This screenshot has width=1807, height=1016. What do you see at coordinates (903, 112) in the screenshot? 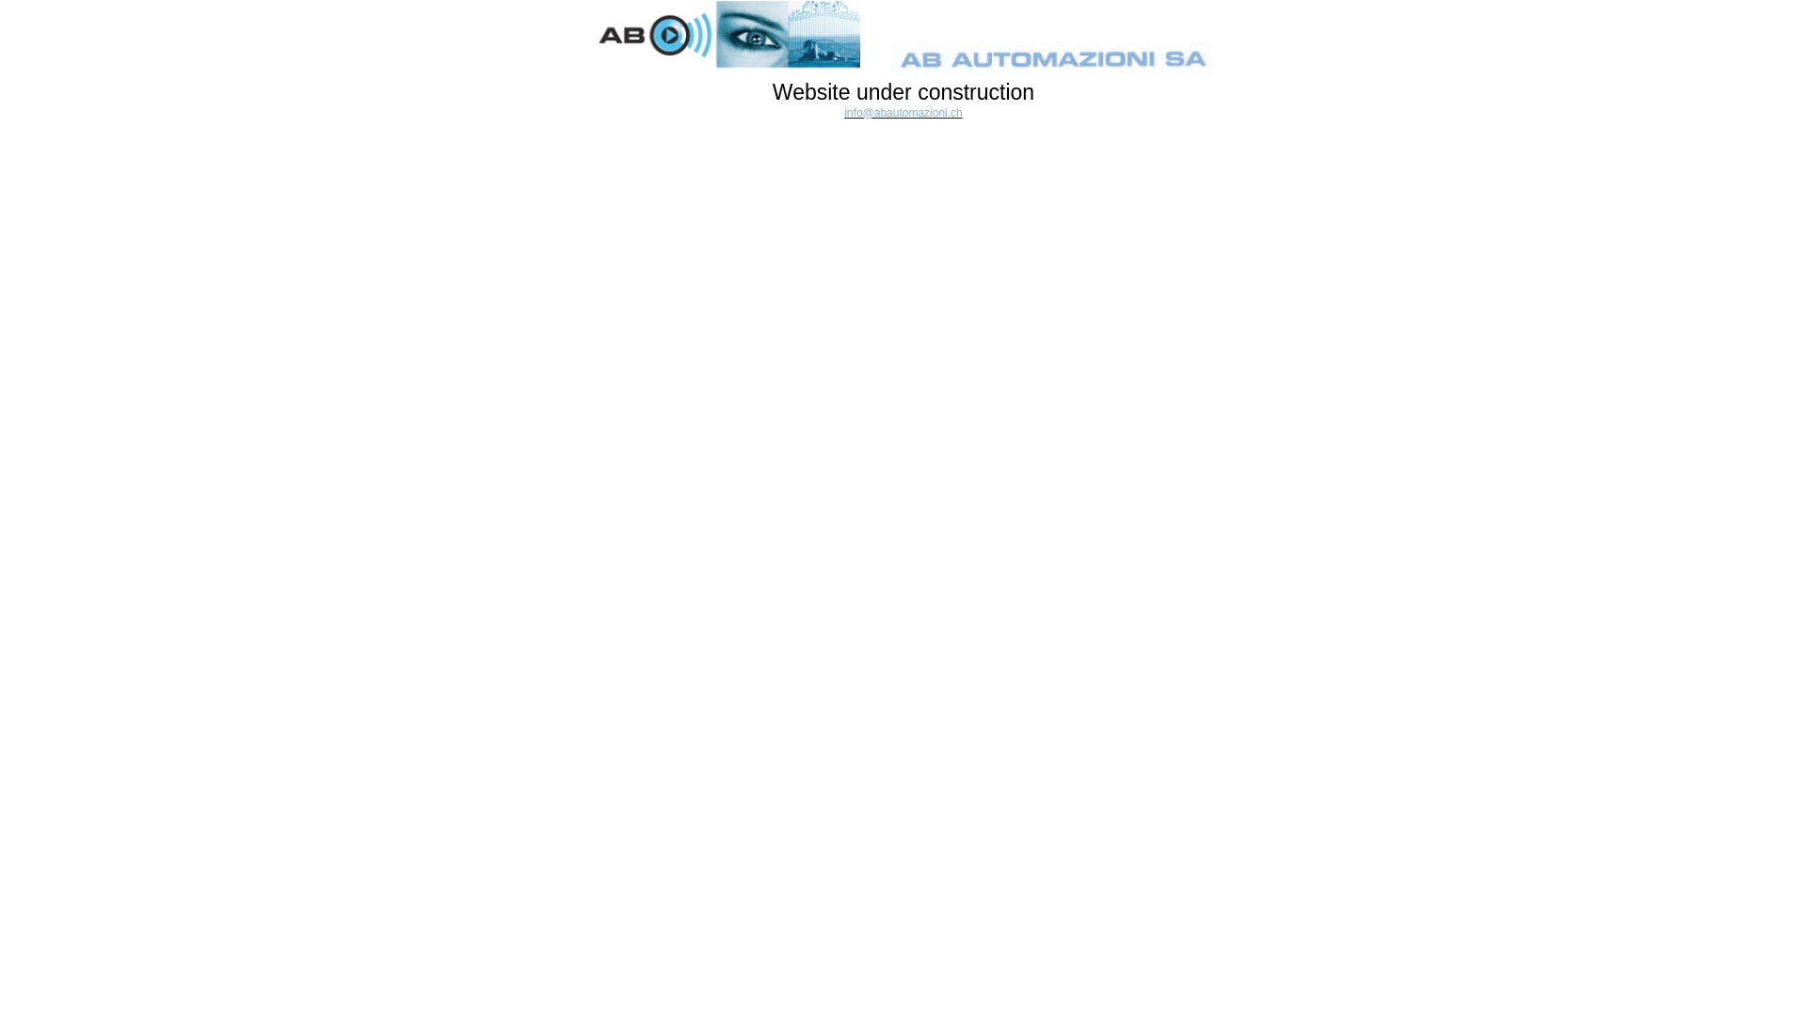
I see `'info@abautomazioni.ch'` at bounding box center [903, 112].